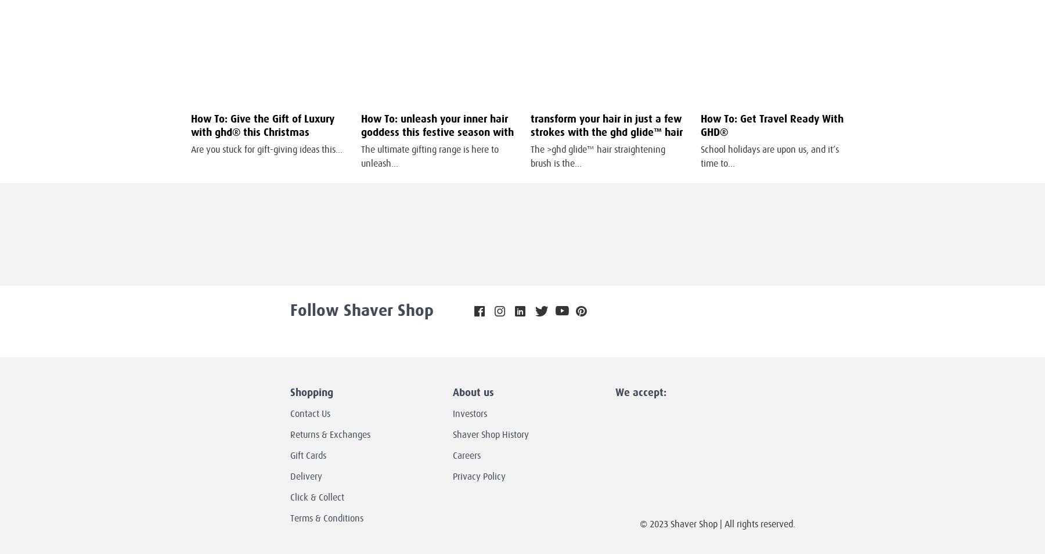 This screenshot has height=554, width=1045. I want to click on 'Sign up for the latest news, exclusive offers & grooming tips for', so click(347, 238).